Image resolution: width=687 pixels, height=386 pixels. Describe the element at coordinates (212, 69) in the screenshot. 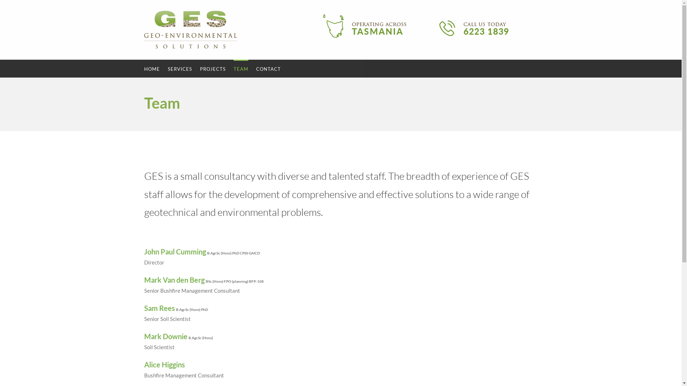

I see `'PROJECTS'` at that location.